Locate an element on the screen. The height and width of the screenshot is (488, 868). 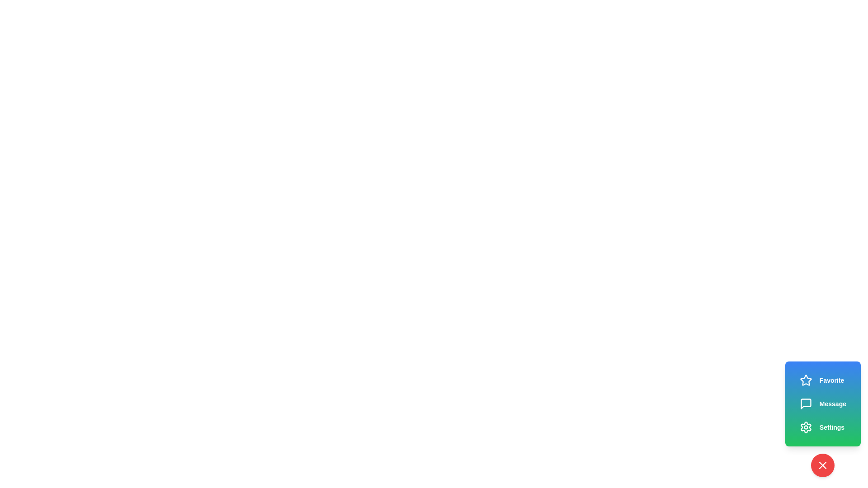
red circular button with an 'X' icon to collapse the speed dial menu is located at coordinates (822, 465).